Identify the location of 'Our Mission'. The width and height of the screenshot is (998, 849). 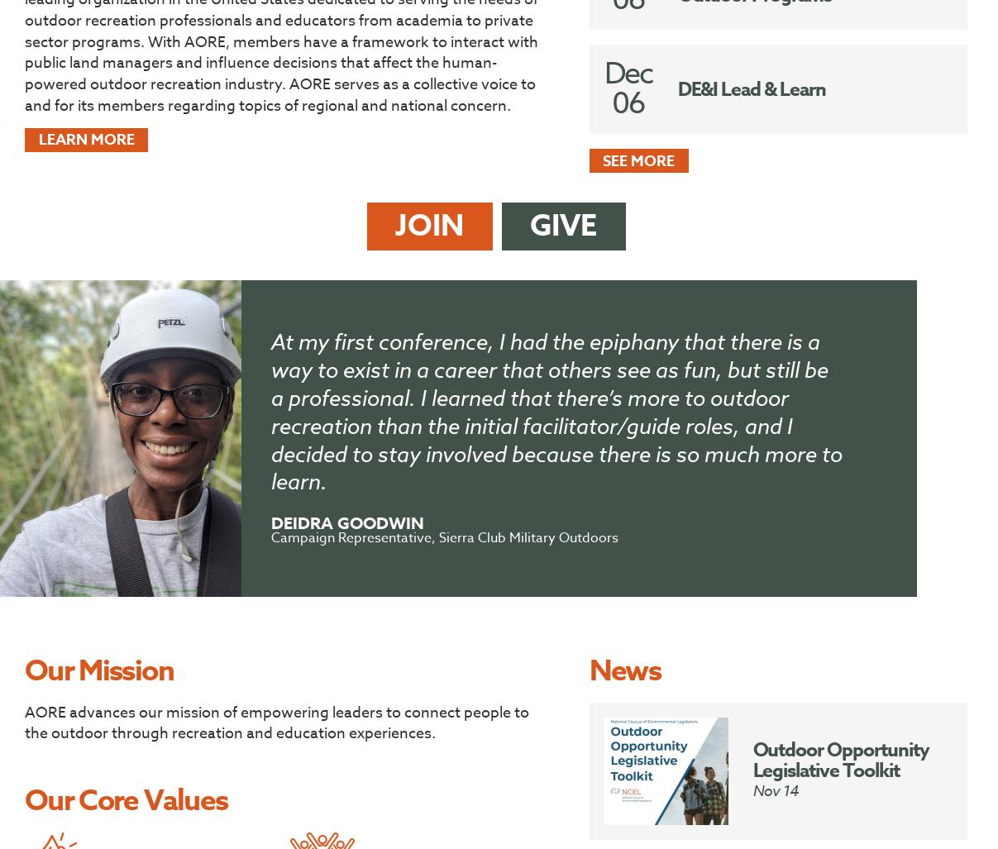
(98, 670).